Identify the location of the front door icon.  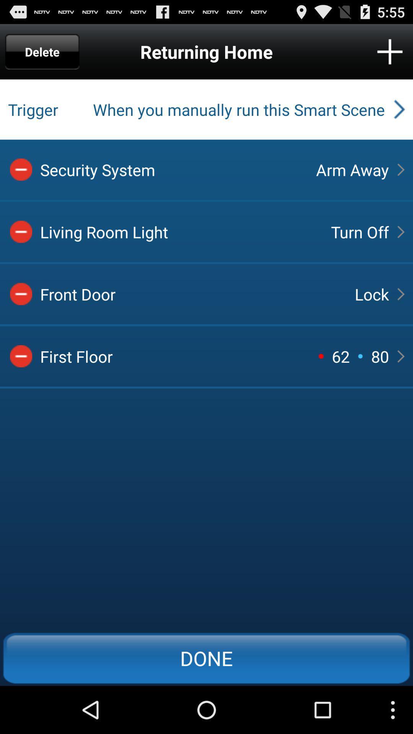
(190, 294).